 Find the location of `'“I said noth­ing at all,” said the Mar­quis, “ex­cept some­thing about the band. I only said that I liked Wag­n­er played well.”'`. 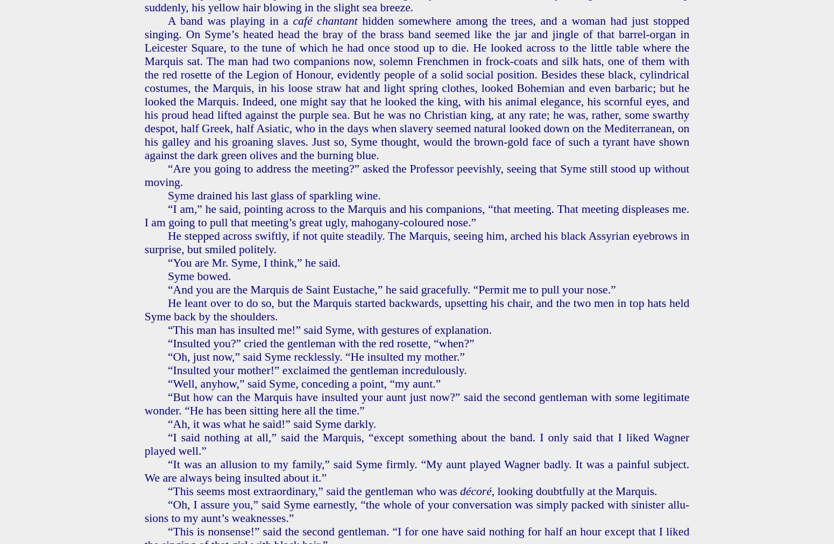

'“I said noth­ing at all,” said the Mar­quis, “ex­cept some­thing about the band. I only said that I liked Wag­n­er played well.”' is located at coordinates (416, 443).